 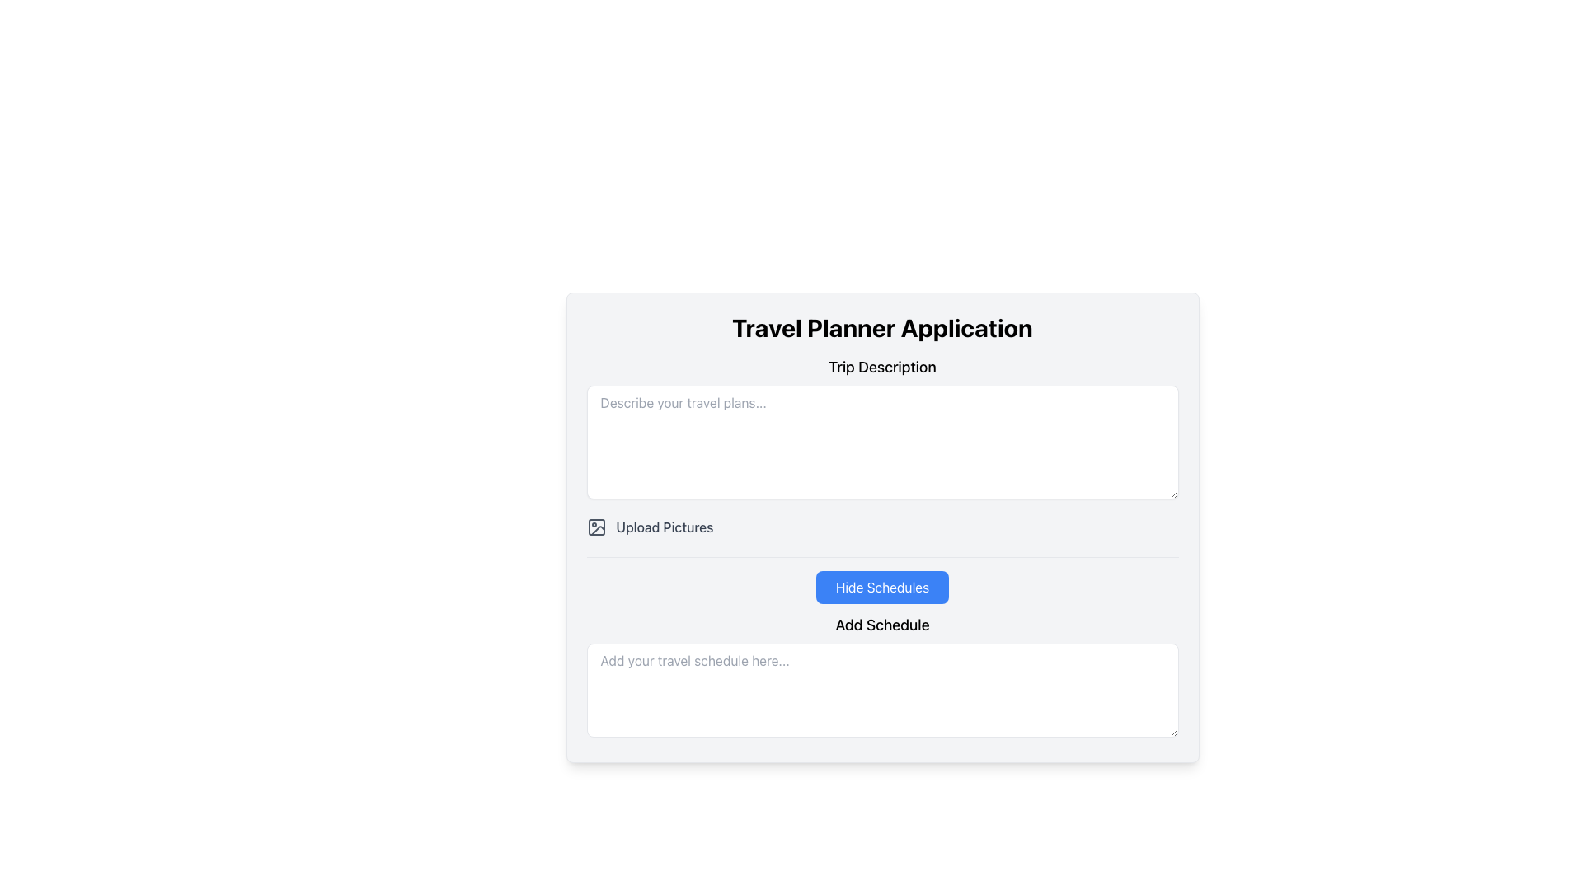 What do you see at coordinates (881, 625) in the screenshot?
I see `text from the descriptive label located above the multiline text input field with the placeholder 'Add your travel schedule here...'` at bounding box center [881, 625].